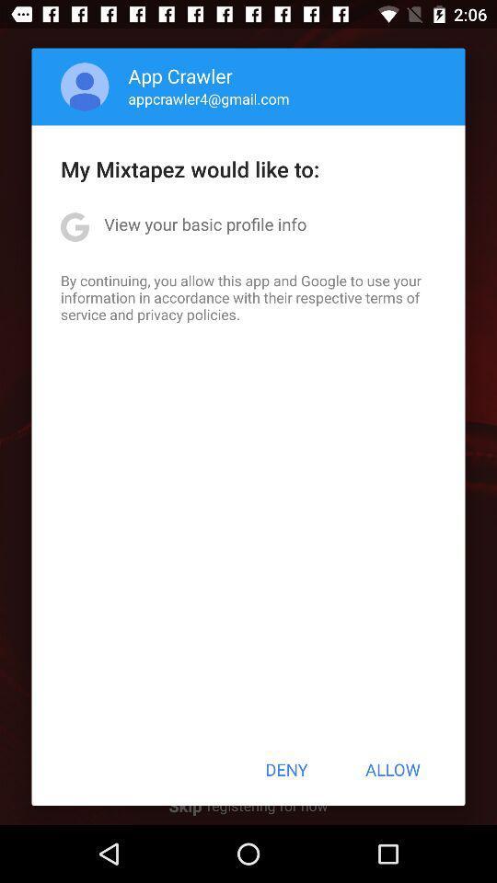 Image resolution: width=497 pixels, height=883 pixels. What do you see at coordinates (204, 223) in the screenshot?
I see `item above the by continuing you` at bounding box center [204, 223].